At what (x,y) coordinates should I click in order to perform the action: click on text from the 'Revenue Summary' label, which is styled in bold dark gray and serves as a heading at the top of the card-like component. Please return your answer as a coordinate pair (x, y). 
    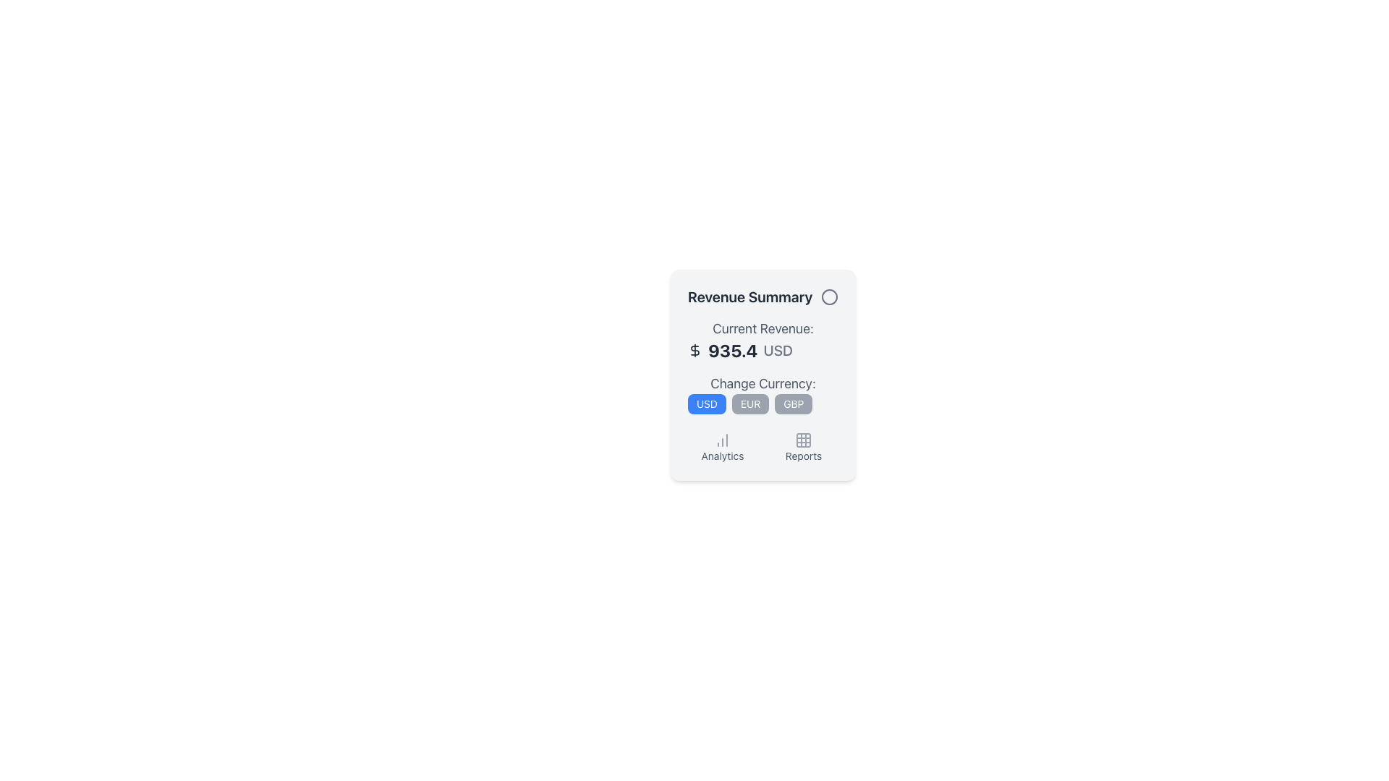
    Looking at the image, I should click on (750, 296).